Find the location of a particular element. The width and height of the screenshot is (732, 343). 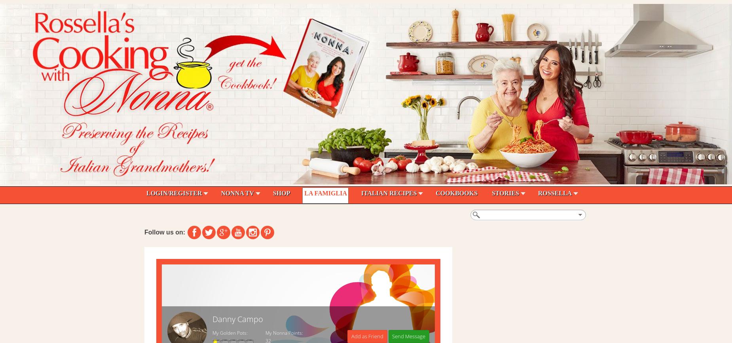

'Search - Easy Blog' is located at coordinates (174, 205).